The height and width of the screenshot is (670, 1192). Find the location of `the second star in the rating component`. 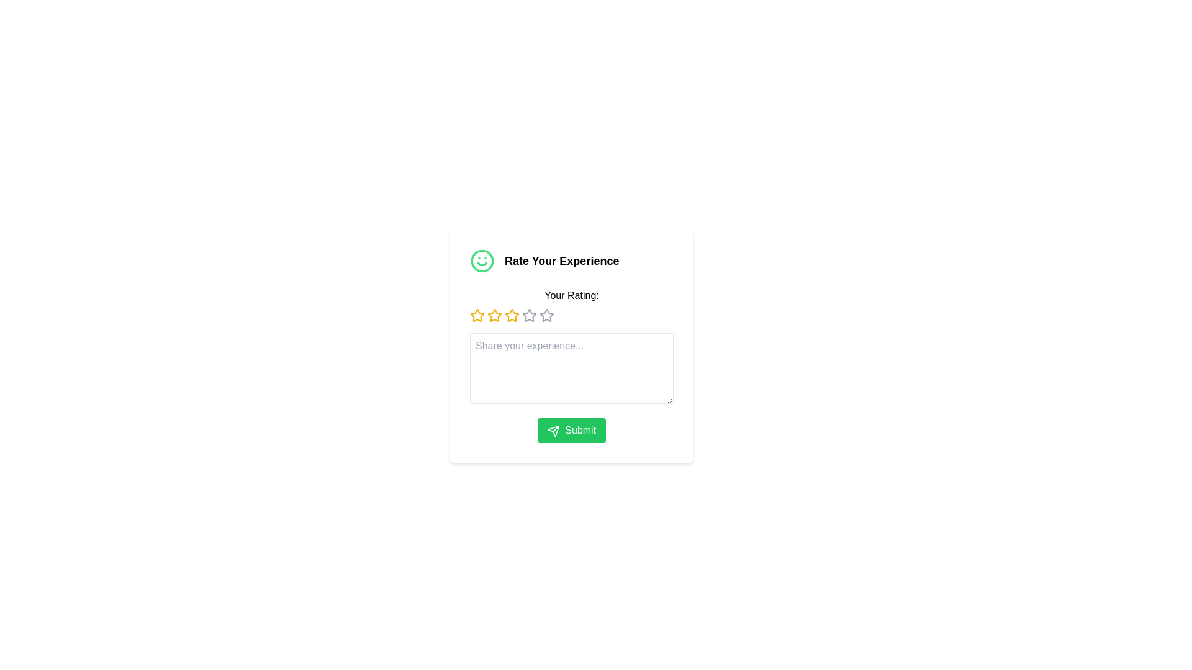

the second star in the rating component is located at coordinates (494, 315).